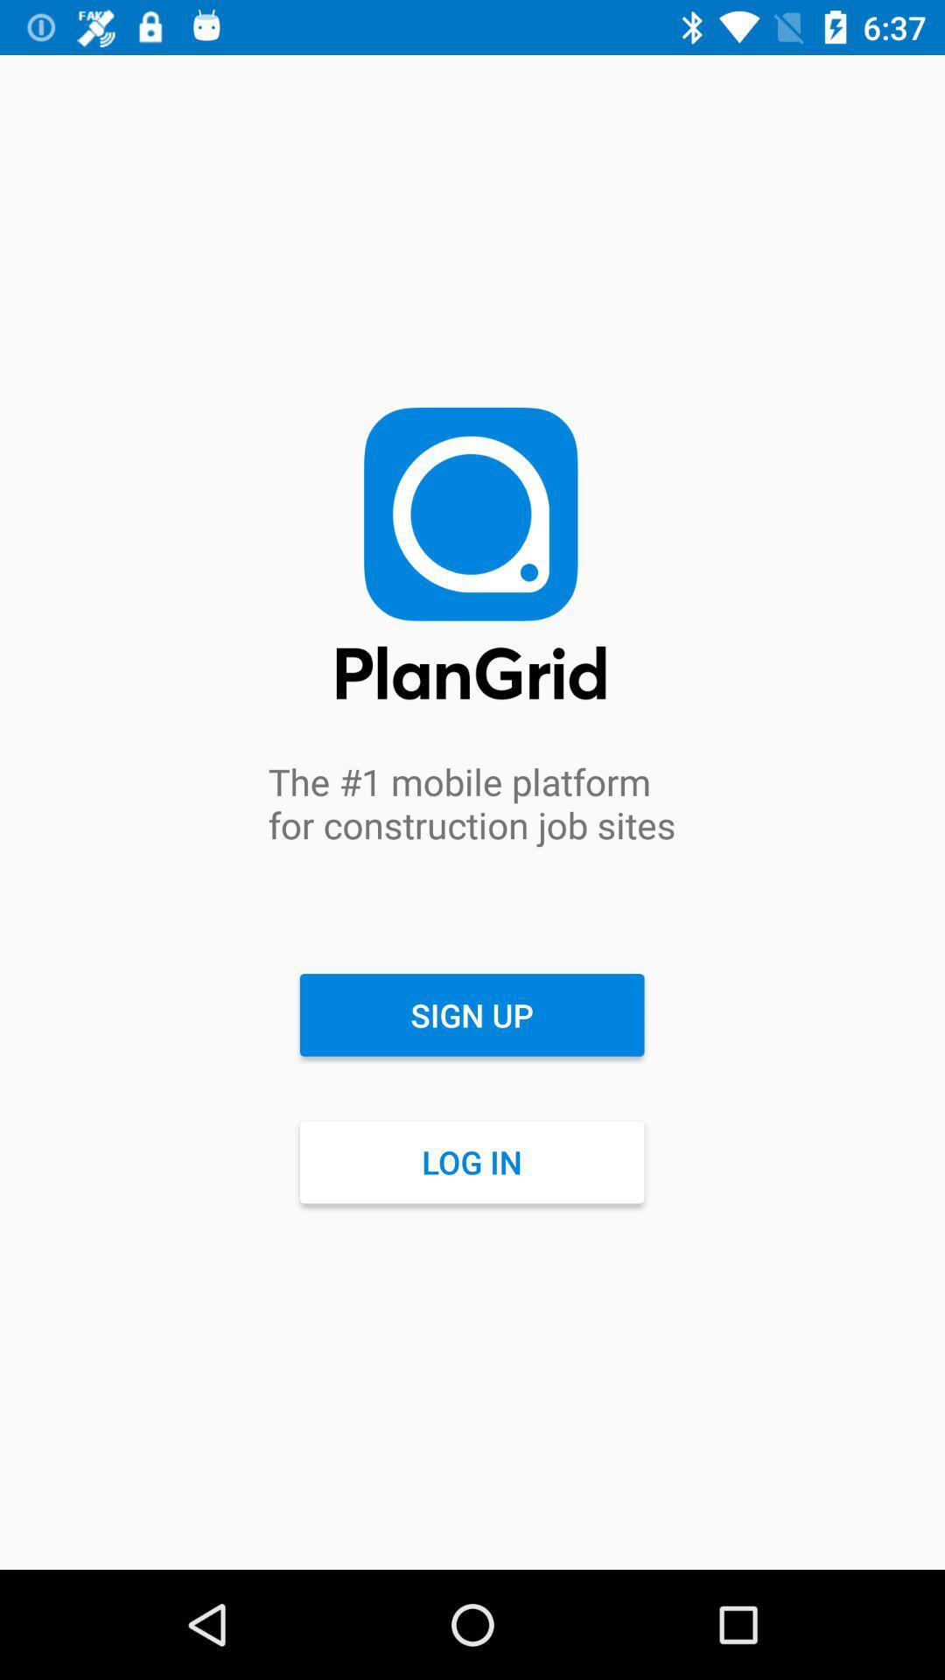 This screenshot has width=945, height=1680. Describe the element at coordinates (471, 1015) in the screenshot. I see `item below the the 1 mobile` at that location.